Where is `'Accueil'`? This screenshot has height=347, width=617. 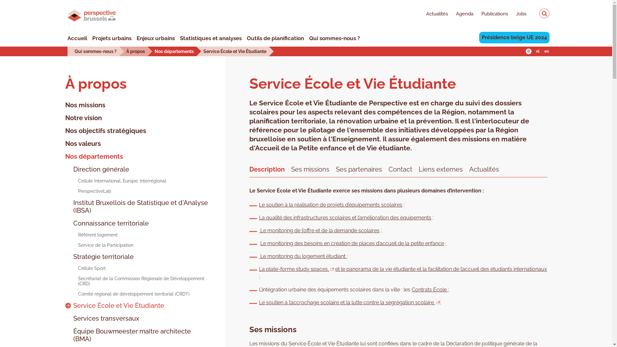
'Accueil' is located at coordinates (77, 38).